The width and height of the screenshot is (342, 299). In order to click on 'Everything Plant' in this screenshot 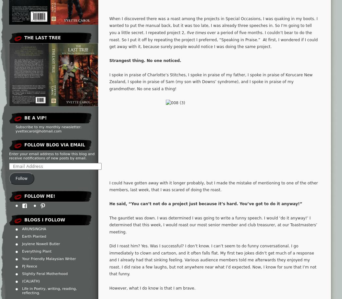, I will do `click(21, 251)`.